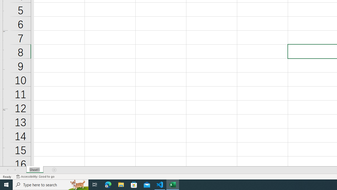 The height and width of the screenshot is (190, 337). Describe the element at coordinates (35, 177) in the screenshot. I see `'Accessibility Checker Accessibility: Good to go'` at that location.